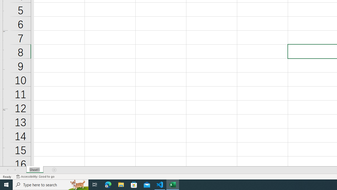 The height and width of the screenshot is (190, 337). Describe the element at coordinates (35, 177) in the screenshot. I see `'Accessibility Checker Accessibility: Good to go'` at that location.